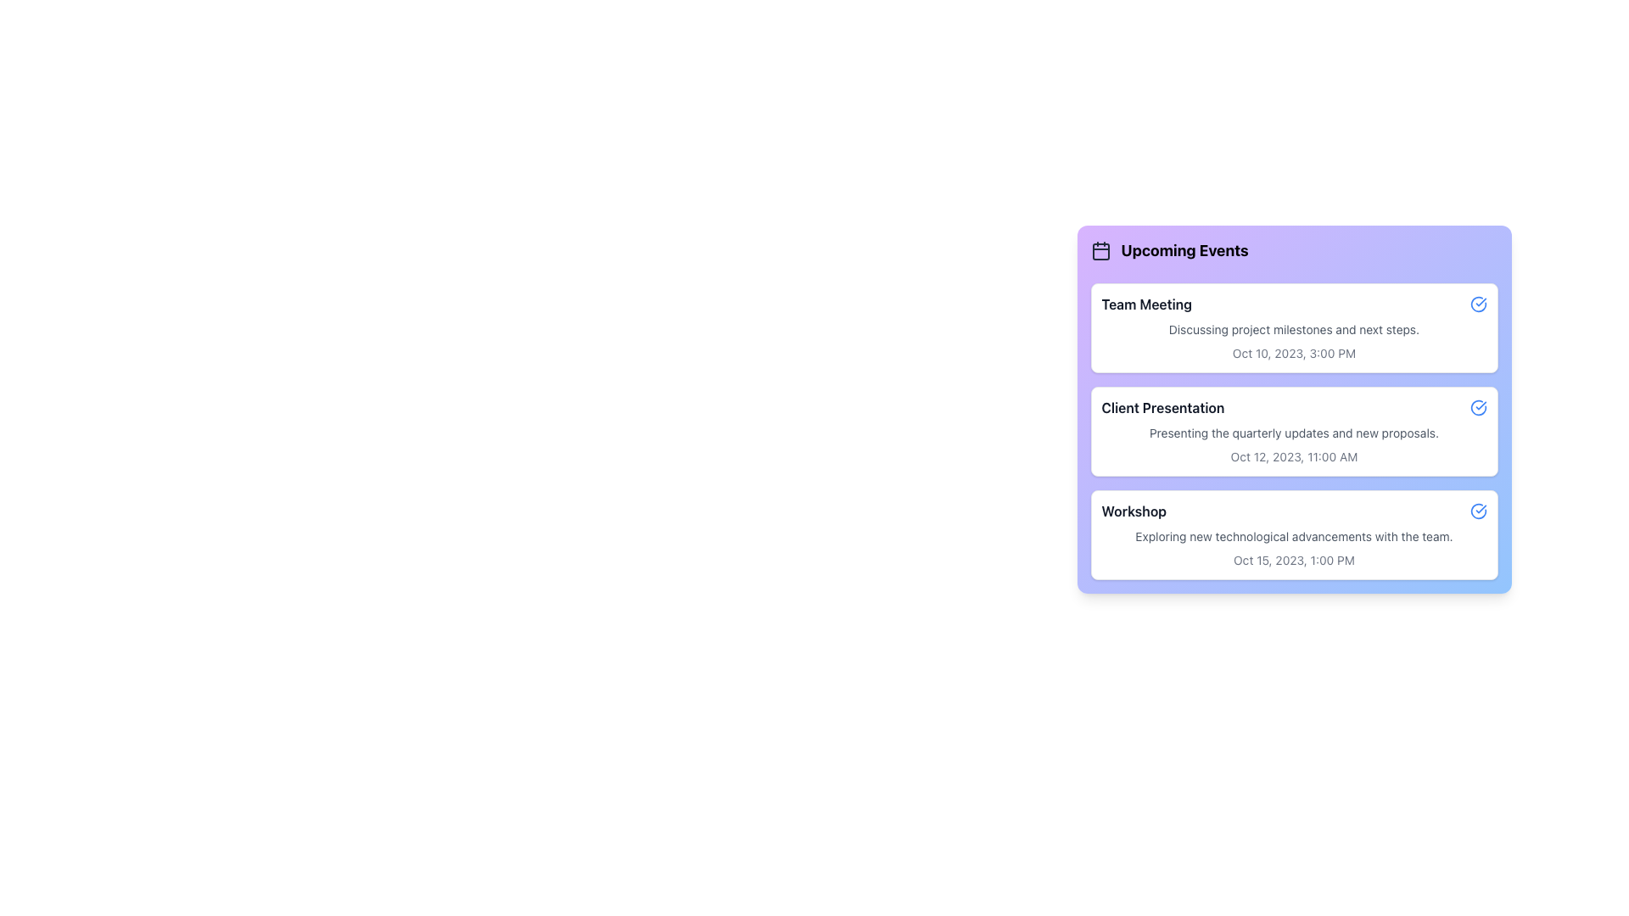  What do you see at coordinates (1477, 510) in the screenshot?
I see `the completion icon located at the top-right corner of the 'Workshop' card within the 'Upcoming Events' panel` at bounding box center [1477, 510].